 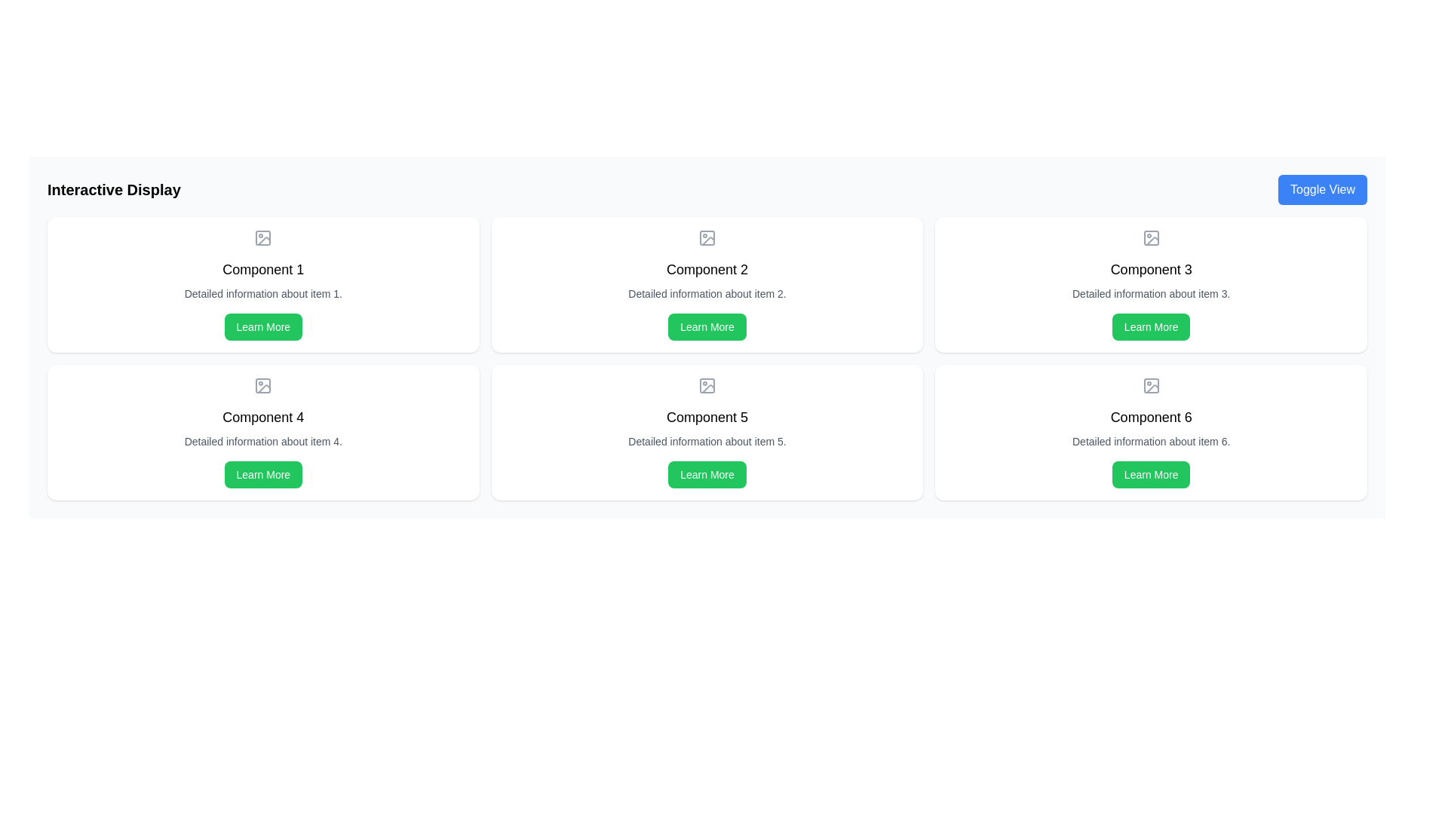 I want to click on the icon that serves as a visual representation for the card labeled 'Component 2', located at the top center of the card, so click(x=706, y=237).